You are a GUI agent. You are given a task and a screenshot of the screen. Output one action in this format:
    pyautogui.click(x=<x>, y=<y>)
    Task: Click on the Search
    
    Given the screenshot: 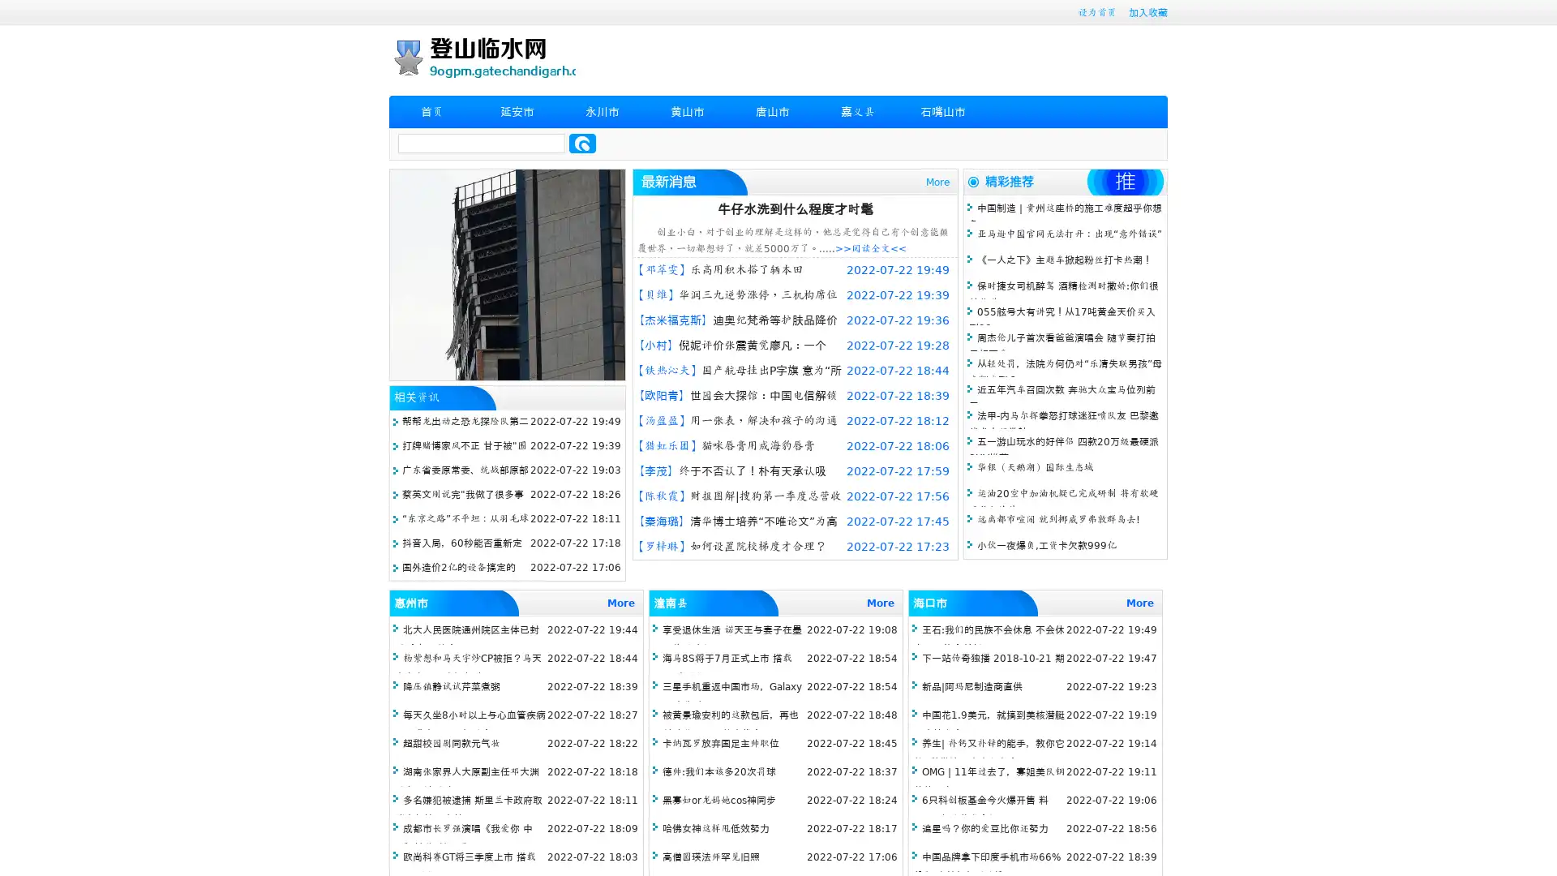 What is the action you would take?
    pyautogui.click(x=582, y=143)
    